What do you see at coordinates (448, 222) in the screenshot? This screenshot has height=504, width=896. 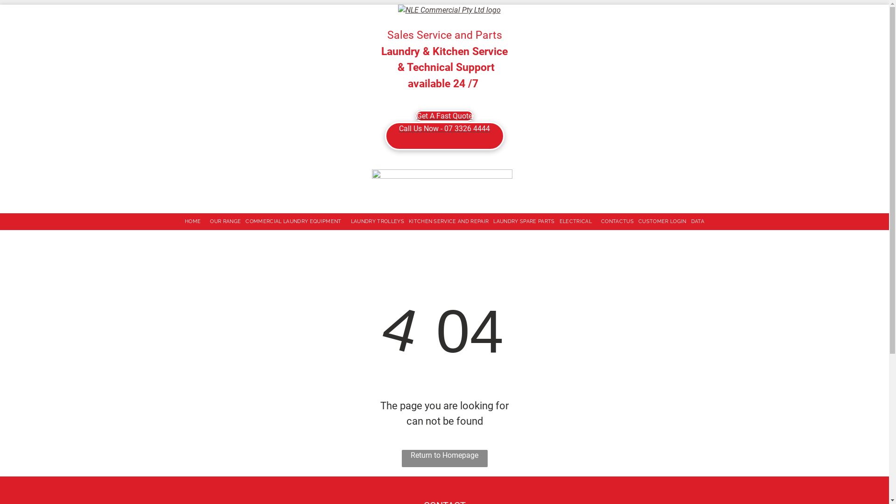 I see `'KITCHEN SERVICE AND REPAIR'` at bounding box center [448, 222].